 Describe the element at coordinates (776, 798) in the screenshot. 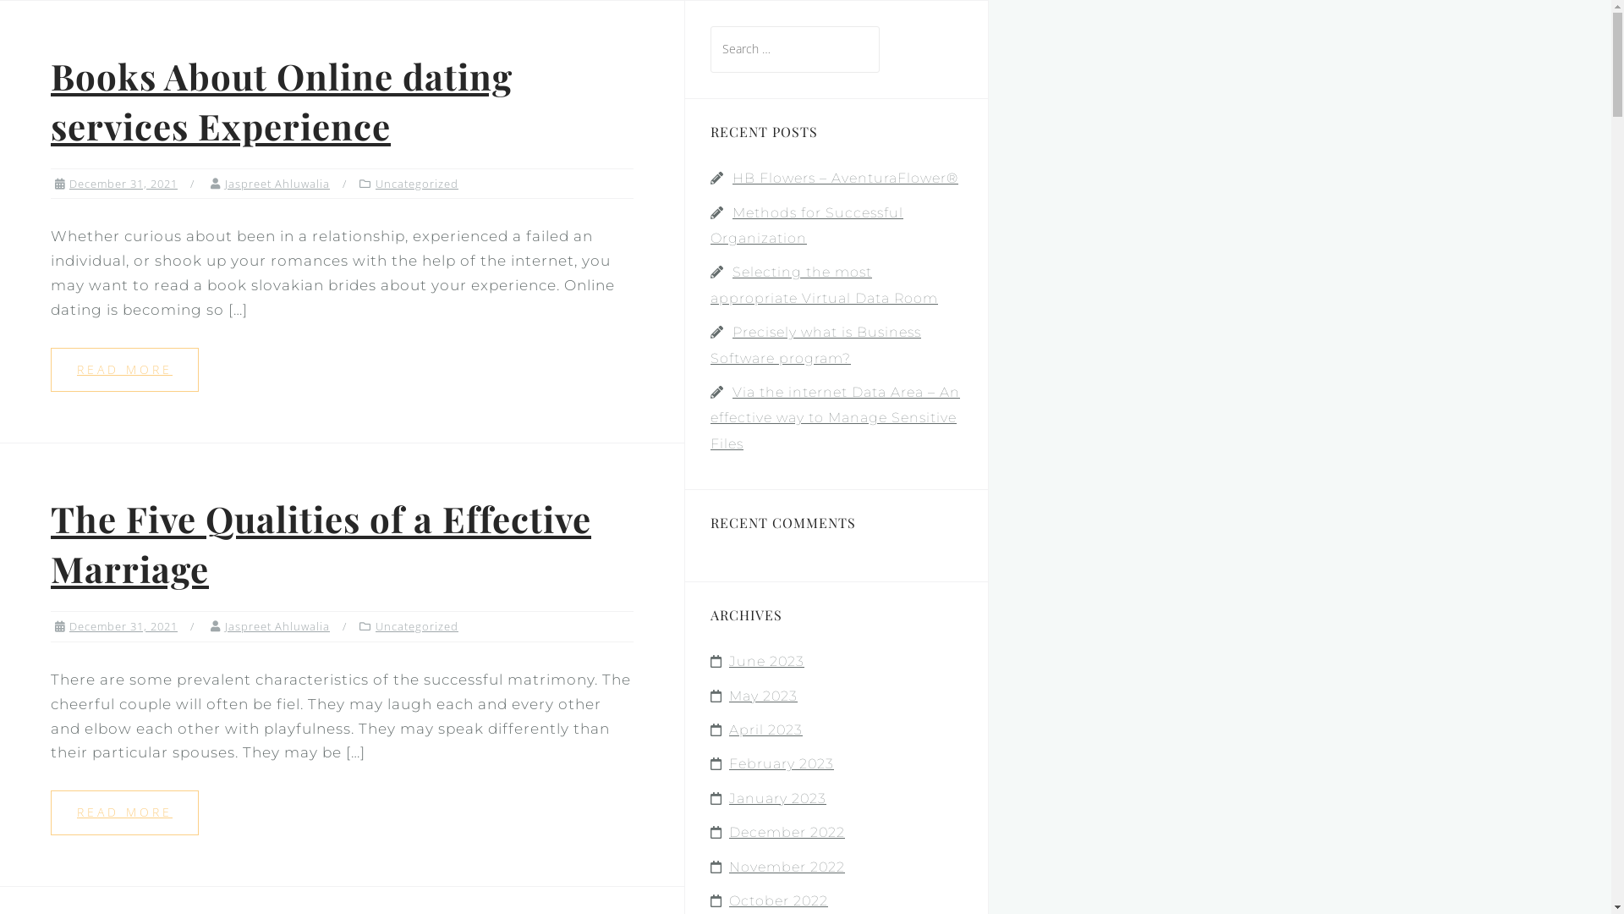

I see `'January 2023'` at that location.